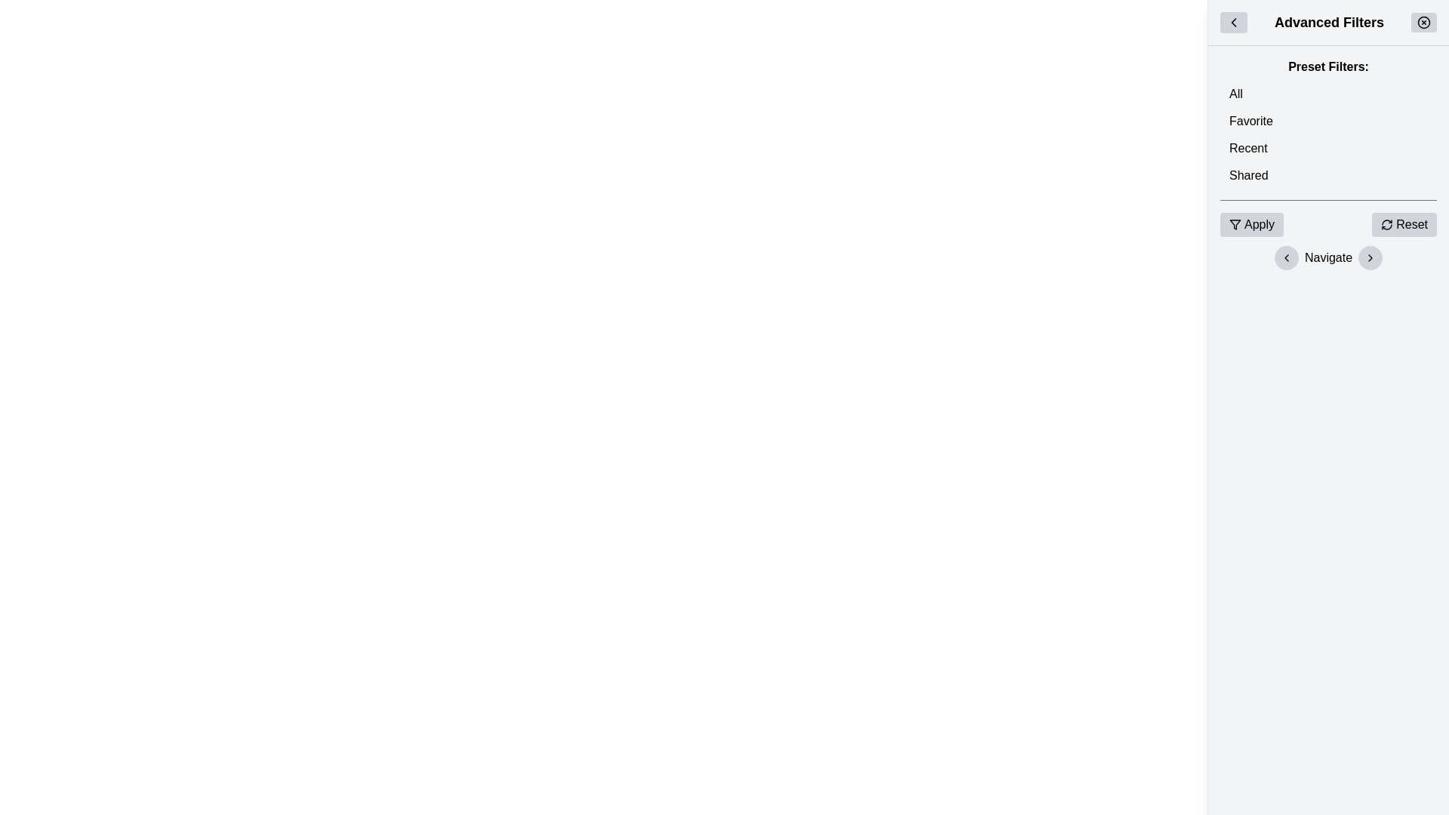 The height and width of the screenshot is (815, 1449). I want to click on the filter icon, which is an inverted triangle with a horizontal bar, located on the leftmost part of the 'Apply' button, positioned near the top-right section of the interface, so click(1235, 224).